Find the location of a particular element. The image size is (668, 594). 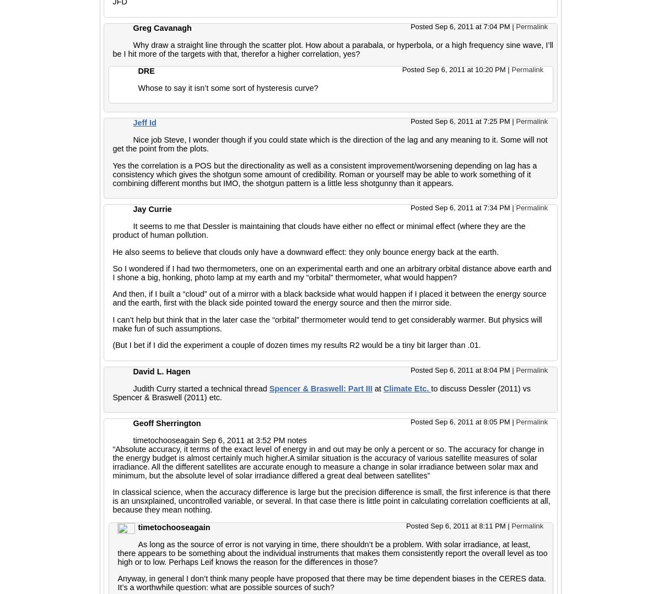

'David L. Hagen' is located at coordinates (161, 371).